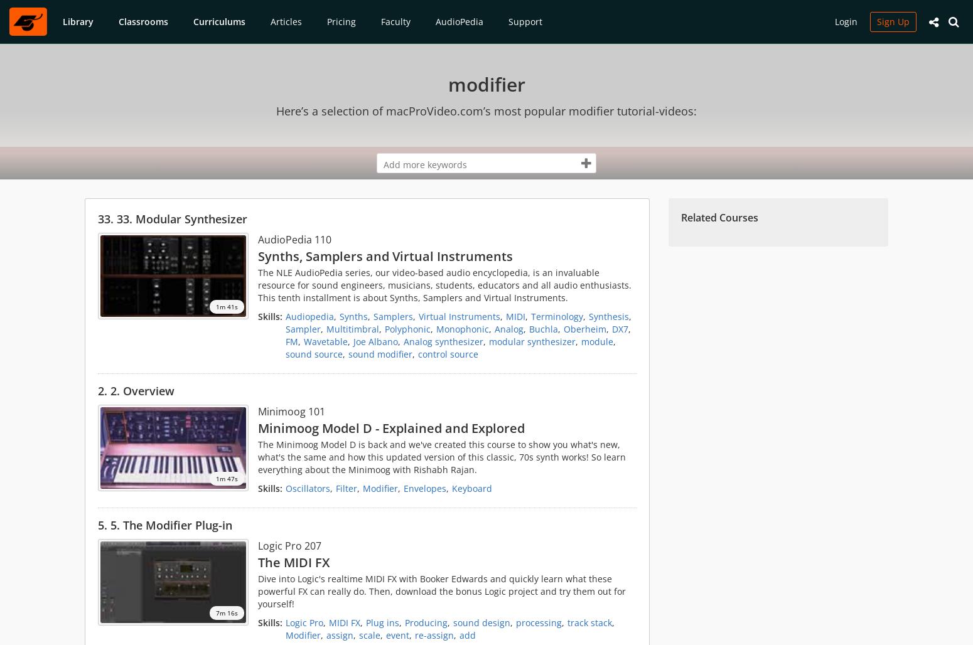 The width and height of the screenshot is (973, 645). What do you see at coordinates (303, 622) in the screenshot?
I see `'Logic Pro'` at bounding box center [303, 622].